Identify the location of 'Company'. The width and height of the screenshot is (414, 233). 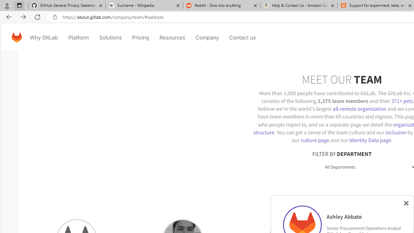
(207, 37).